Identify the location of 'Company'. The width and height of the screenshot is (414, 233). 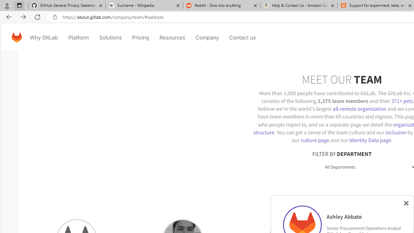
(207, 37).